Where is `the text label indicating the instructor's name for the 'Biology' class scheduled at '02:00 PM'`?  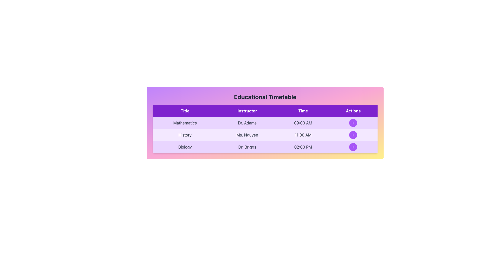
the text label indicating the instructor's name for the 'Biology' class scheduled at '02:00 PM' is located at coordinates (247, 147).